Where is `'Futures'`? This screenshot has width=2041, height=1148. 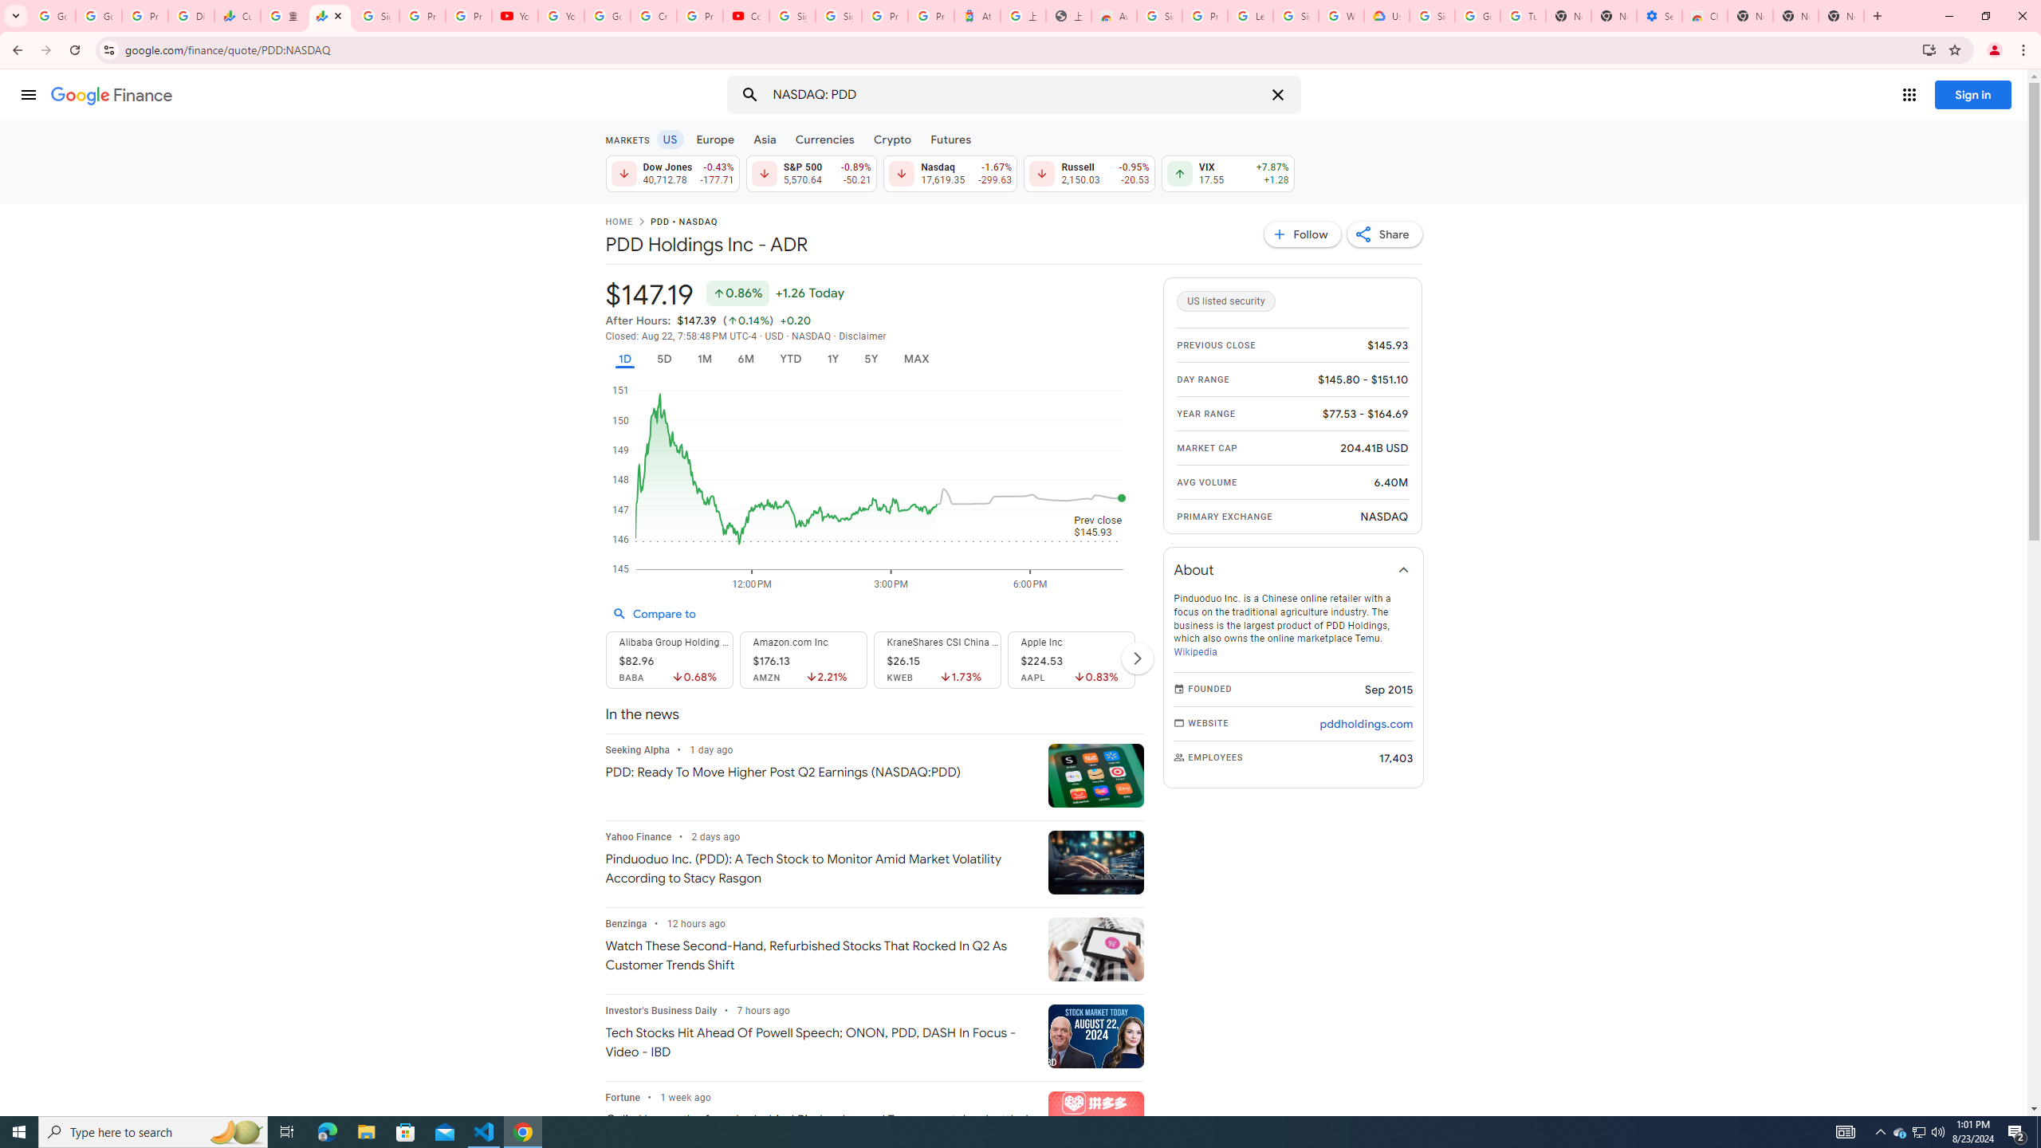
'Futures' is located at coordinates (950, 138).